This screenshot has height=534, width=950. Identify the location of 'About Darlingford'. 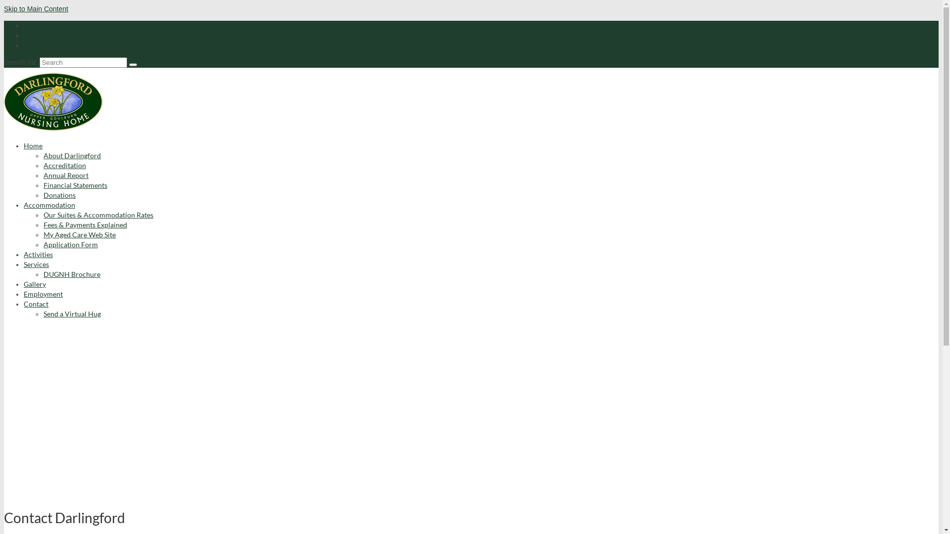
(71, 155).